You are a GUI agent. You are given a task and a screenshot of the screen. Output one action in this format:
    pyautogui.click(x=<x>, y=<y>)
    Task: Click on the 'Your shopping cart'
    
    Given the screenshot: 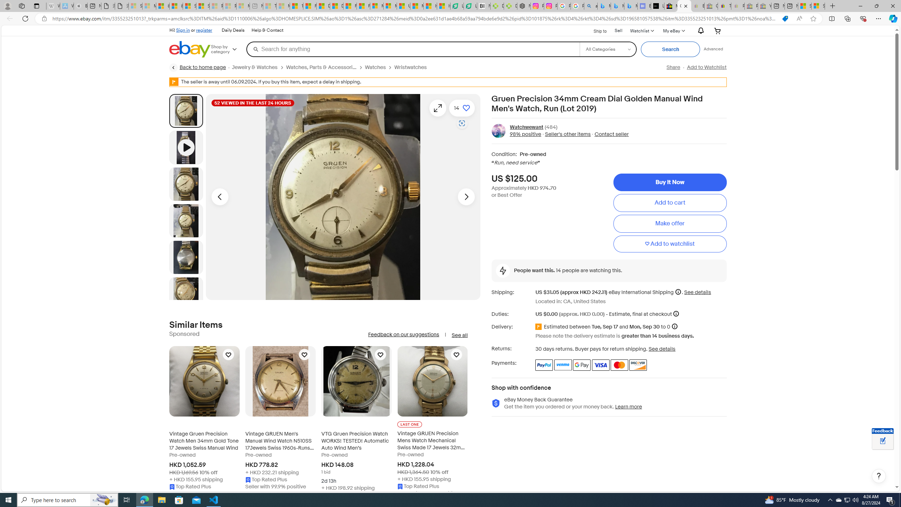 What is the action you would take?
    pyautogui.click(x=717, y=31)
    